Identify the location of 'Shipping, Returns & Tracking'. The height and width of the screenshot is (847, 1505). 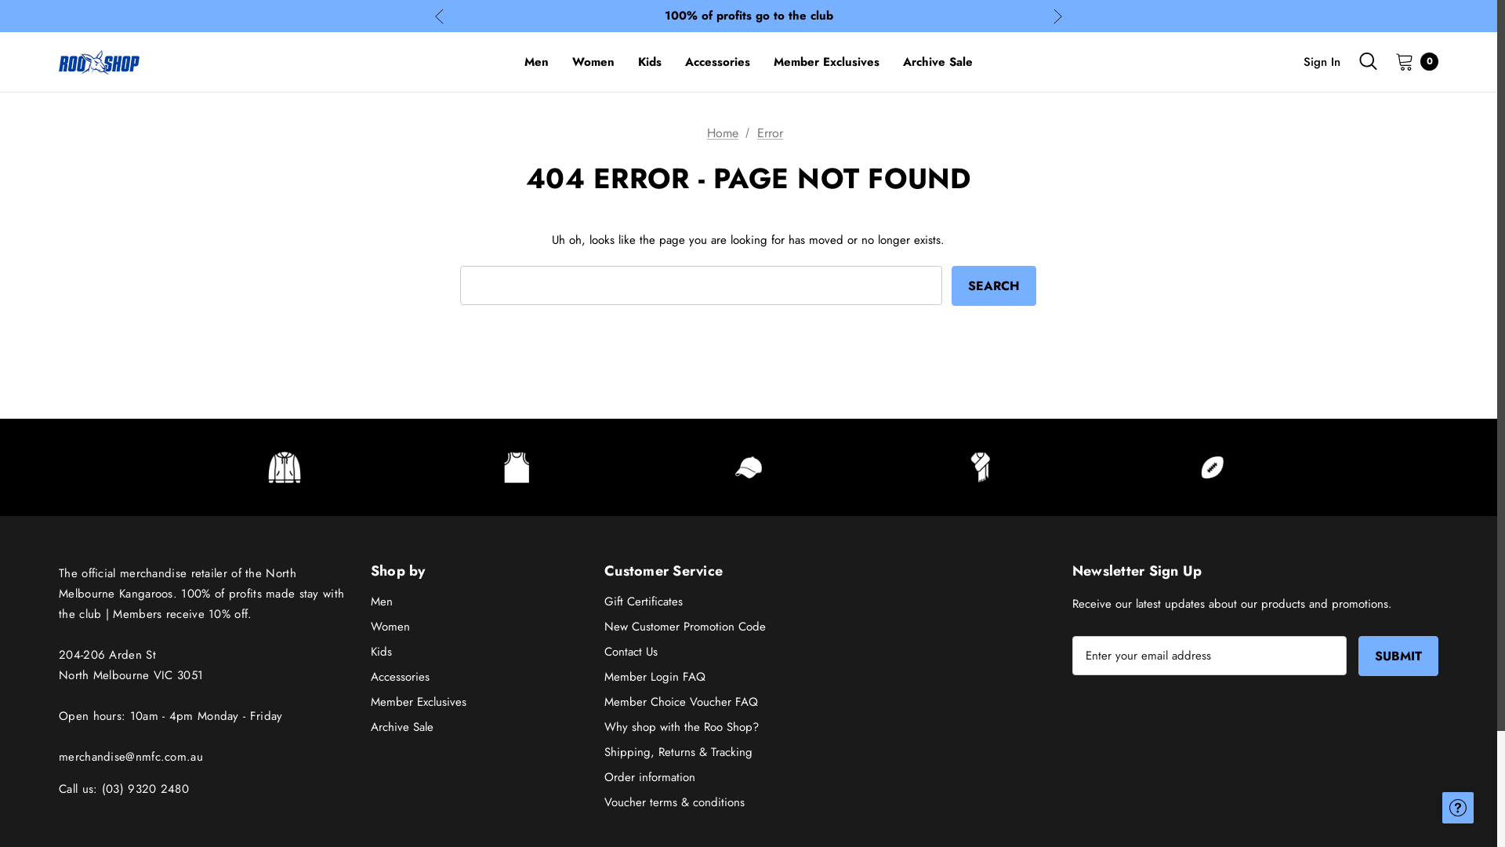
(678, 751).